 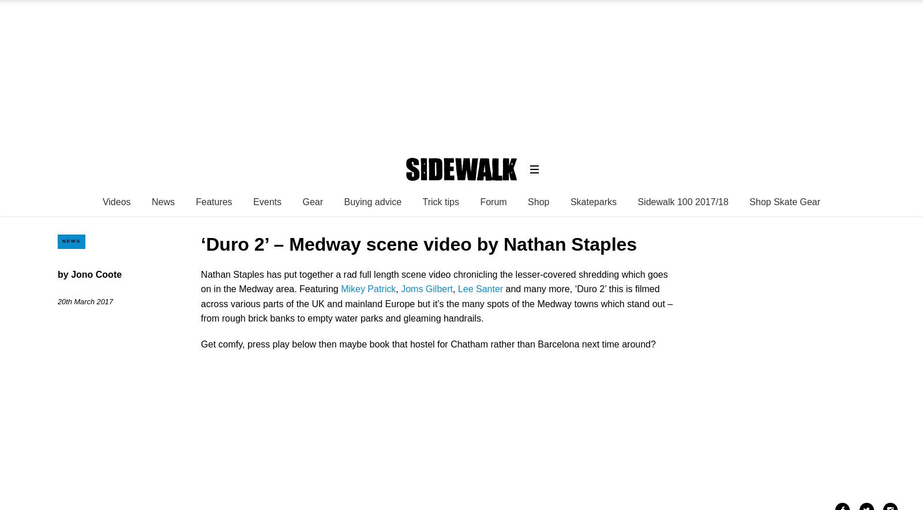 What do you see at coordinates (436, 303) in the screenshot?
I see `'and many more, ‘Duro 2’ this is filmed across various parts of the UK and mainland Europe but it’s the many spots of the Medway towns which stand out – from rough brick banks to empty water parks and gleaming handrails.'` at bounding box center [436, 303].